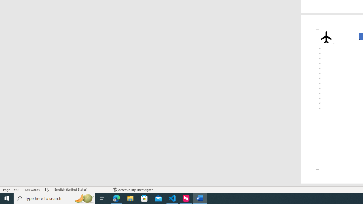 Image resolution: width=363 pixels, height=204 pixels. Describe the element at coordinates (326, 37) in the screenshot. I see `'Airplane with solid fill'` at that location.